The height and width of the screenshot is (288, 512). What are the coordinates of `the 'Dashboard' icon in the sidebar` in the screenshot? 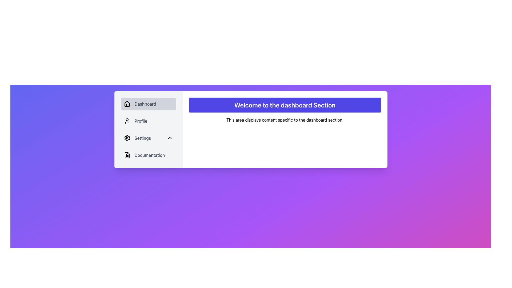 It's located at (127, 104).